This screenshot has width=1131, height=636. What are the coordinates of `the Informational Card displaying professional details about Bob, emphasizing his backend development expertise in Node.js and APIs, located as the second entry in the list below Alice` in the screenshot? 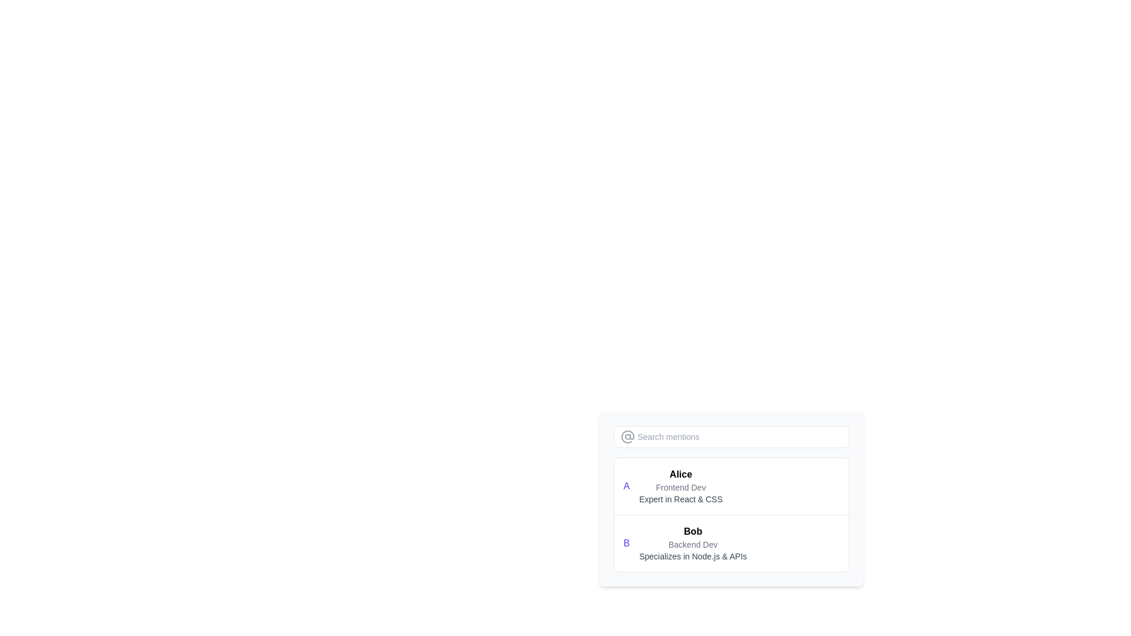 It's located at (693, 543).